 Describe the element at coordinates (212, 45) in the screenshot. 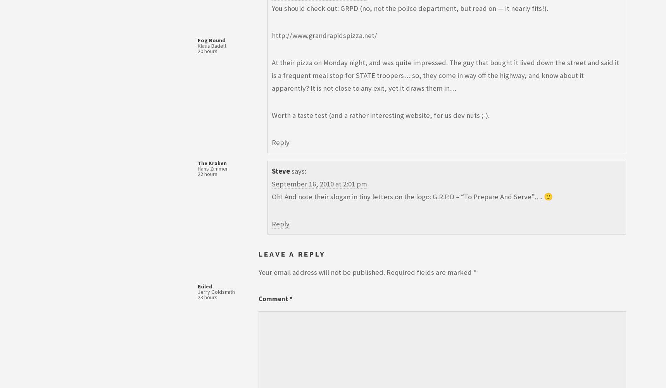

I see `'Klaus Badelt'` at that location.